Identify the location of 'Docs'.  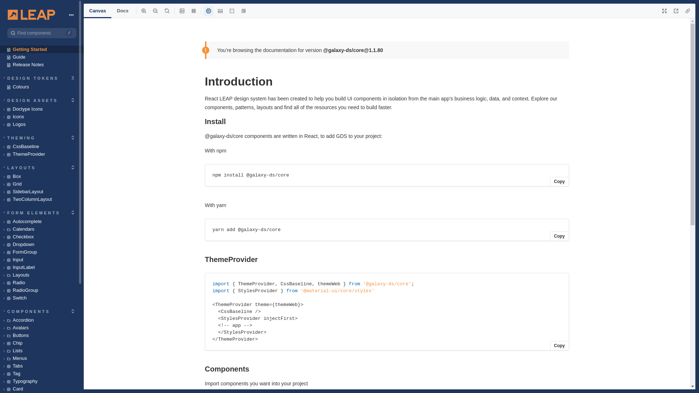
(122, 11).